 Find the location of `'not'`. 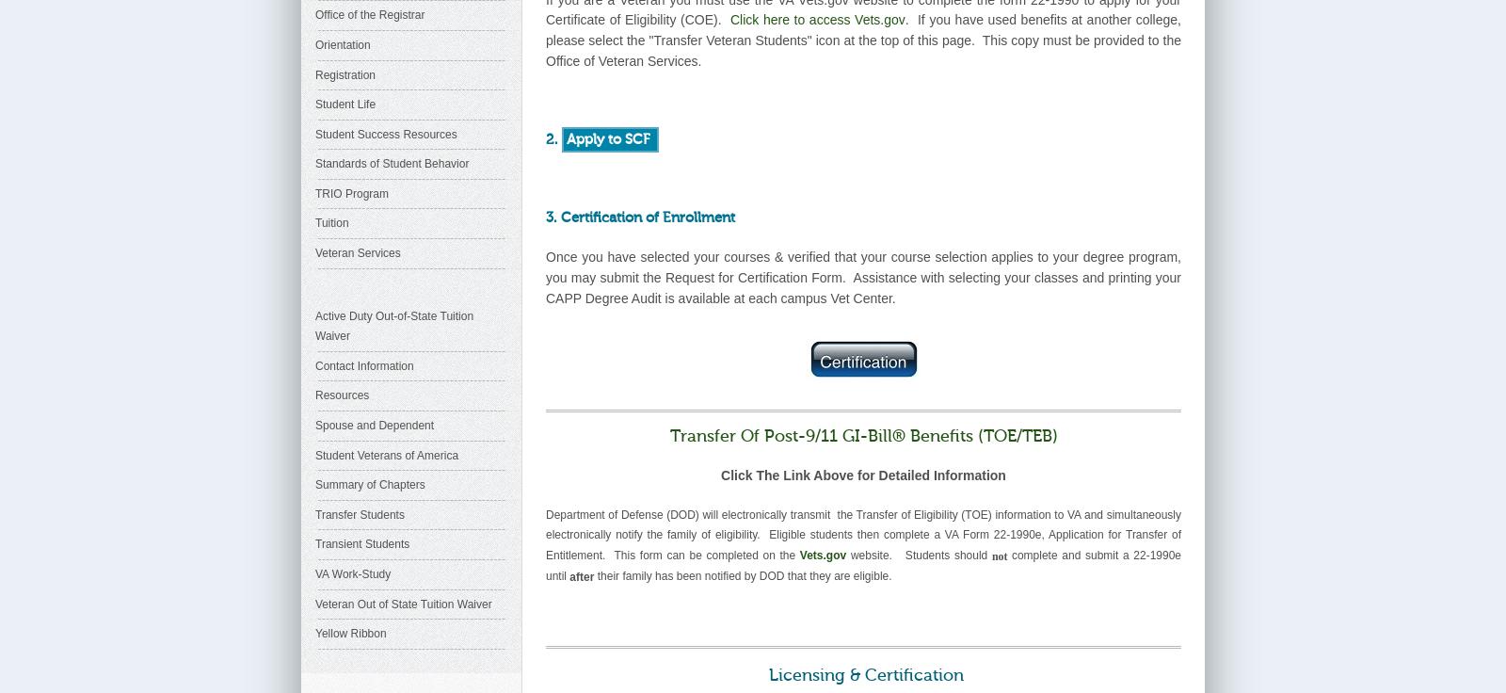

'not' is located at coordinates (1001, 554).